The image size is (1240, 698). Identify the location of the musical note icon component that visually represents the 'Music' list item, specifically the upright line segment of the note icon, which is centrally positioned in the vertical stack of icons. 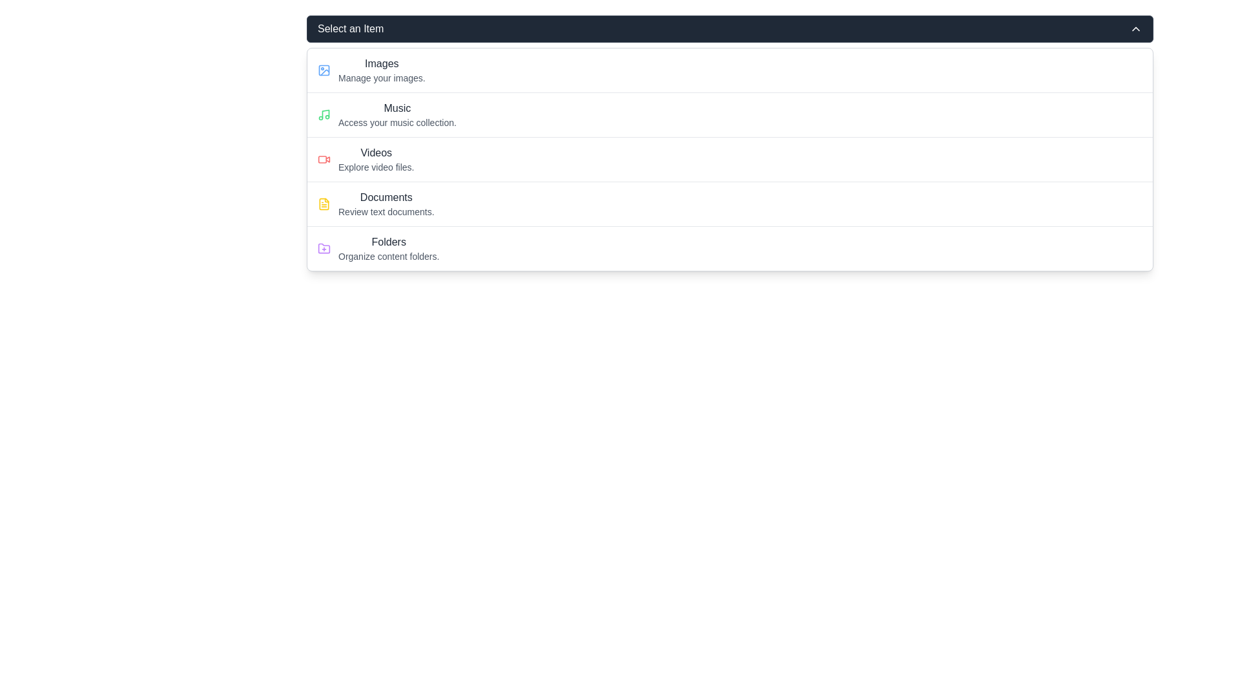
(325, 113).